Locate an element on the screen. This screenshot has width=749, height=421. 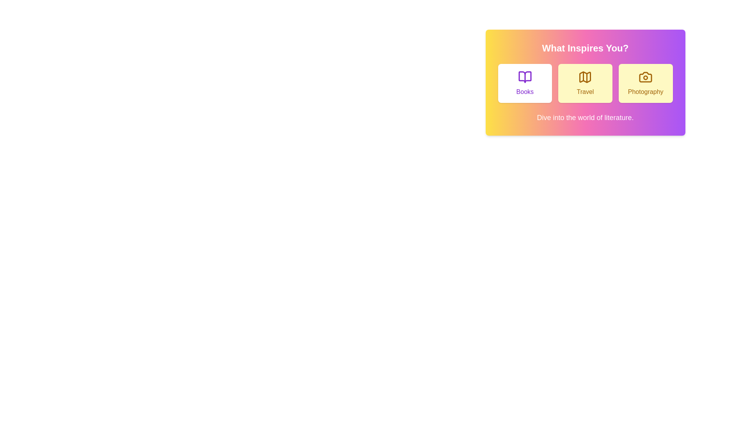
the Travel button is located at coordinates (585, 83).